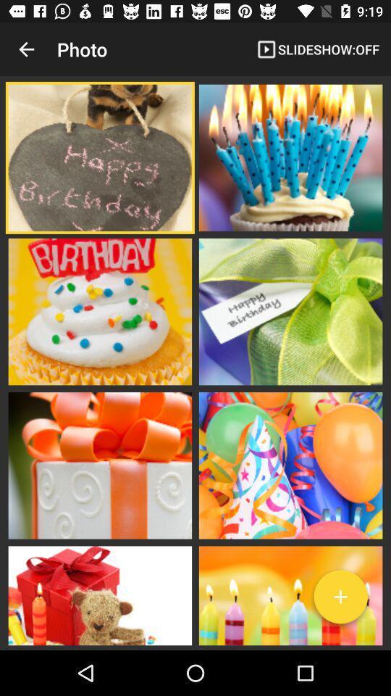  I want to click on the app to the left of the photo, so click(26, 49).